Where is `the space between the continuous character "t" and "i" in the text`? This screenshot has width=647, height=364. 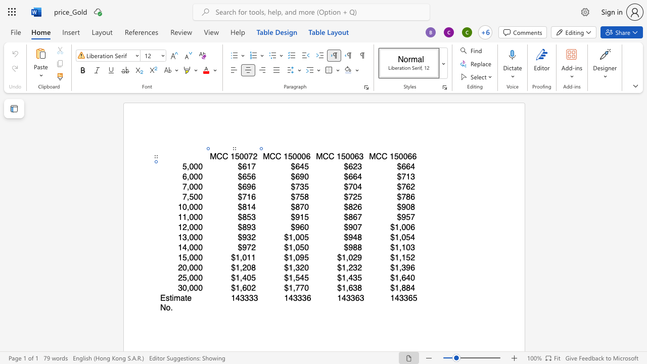 the space between the continuous character "t" and "i" in the text is located at coordinates (171, 297).